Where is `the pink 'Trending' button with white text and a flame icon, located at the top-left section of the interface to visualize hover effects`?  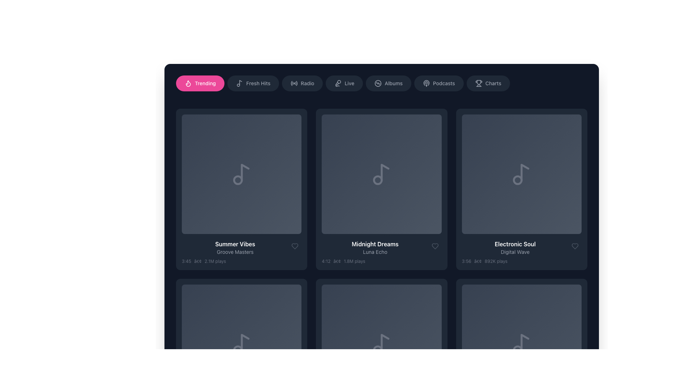
the pink 'Trending' button with white text and a flame icon, located at the top-left section of the interface to visualize hover effects is located at coordinates (200, 83).